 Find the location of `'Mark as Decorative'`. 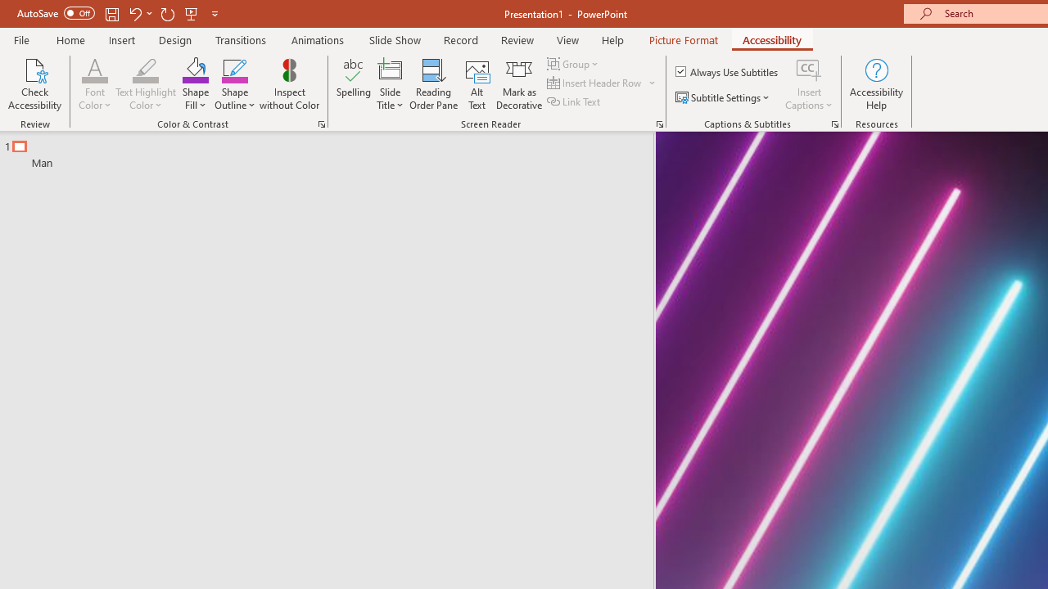

'Mark as Decorative' is located at coordinates (518, 84).